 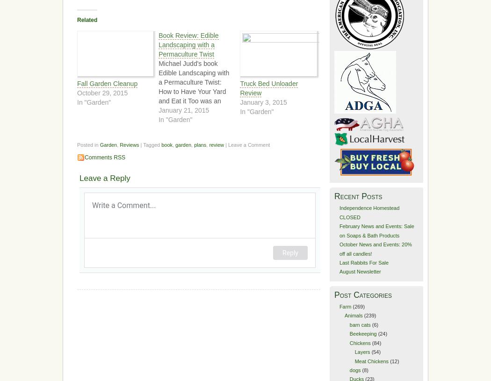 I want to click on 'February News and Events: Sale on Soaps & Bath Products', so click(x=376, y=230).